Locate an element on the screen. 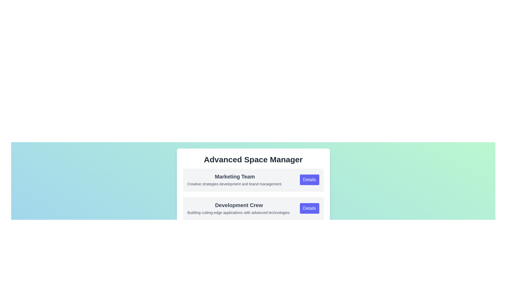  text of the header labeled 'Advanced Space Manager' which is a bold, large, dark gray text at the top of a light-colored card is located at coordinates (253, 159).